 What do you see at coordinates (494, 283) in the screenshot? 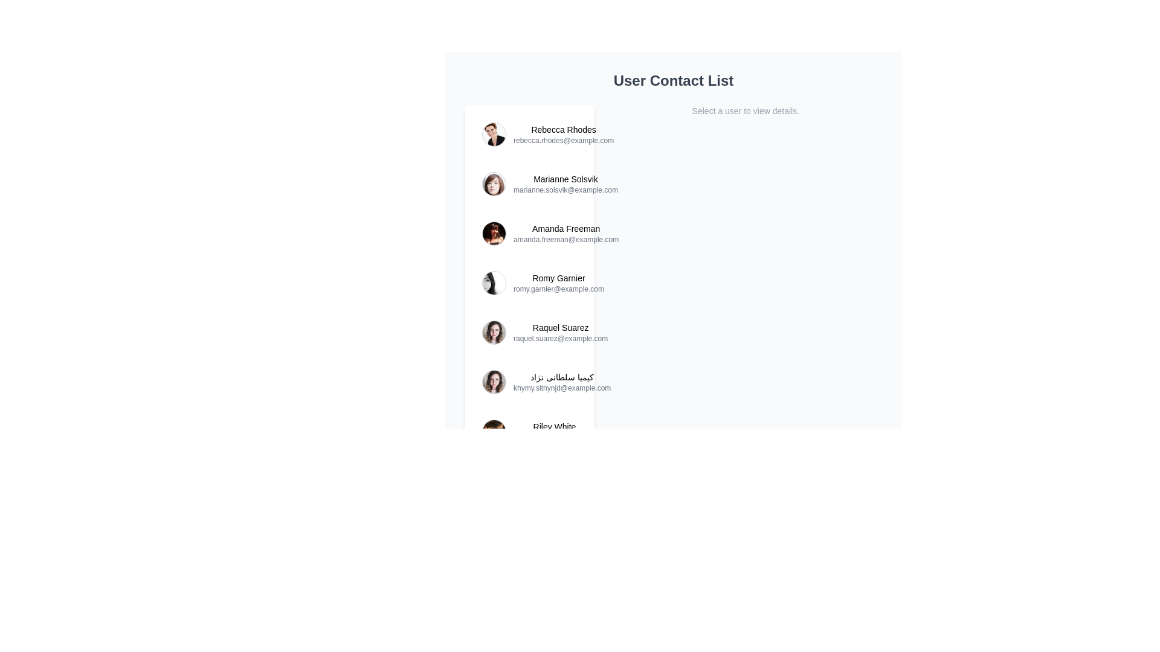
I see `the image to the left of the user name 'Romy Garnier' in the fourth row of the contact list` at bounding box center [494, 283].